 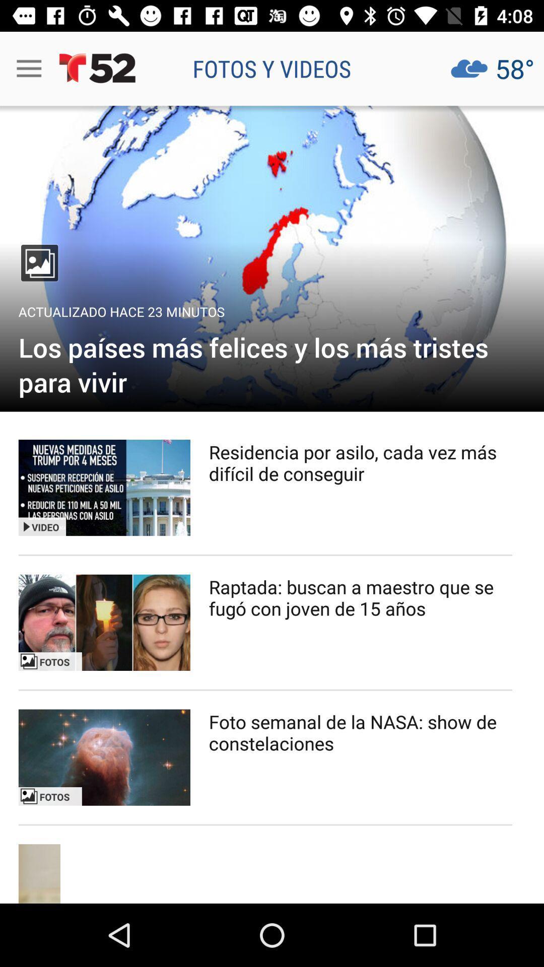 I want to click on watch video, so click(x=104, y=488).